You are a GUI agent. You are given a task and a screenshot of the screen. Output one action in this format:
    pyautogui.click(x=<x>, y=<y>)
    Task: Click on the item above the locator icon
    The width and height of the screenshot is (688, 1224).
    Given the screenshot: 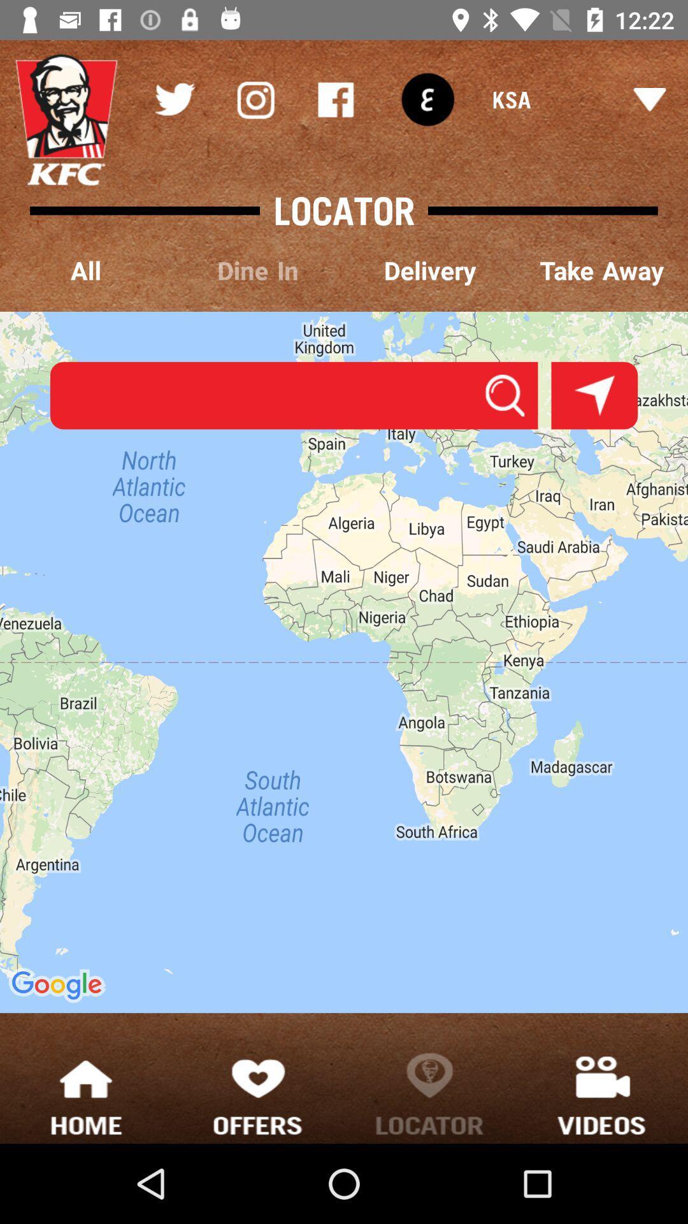 What is the action you would take?
    pyautogui.click(x=427, y=99)
    